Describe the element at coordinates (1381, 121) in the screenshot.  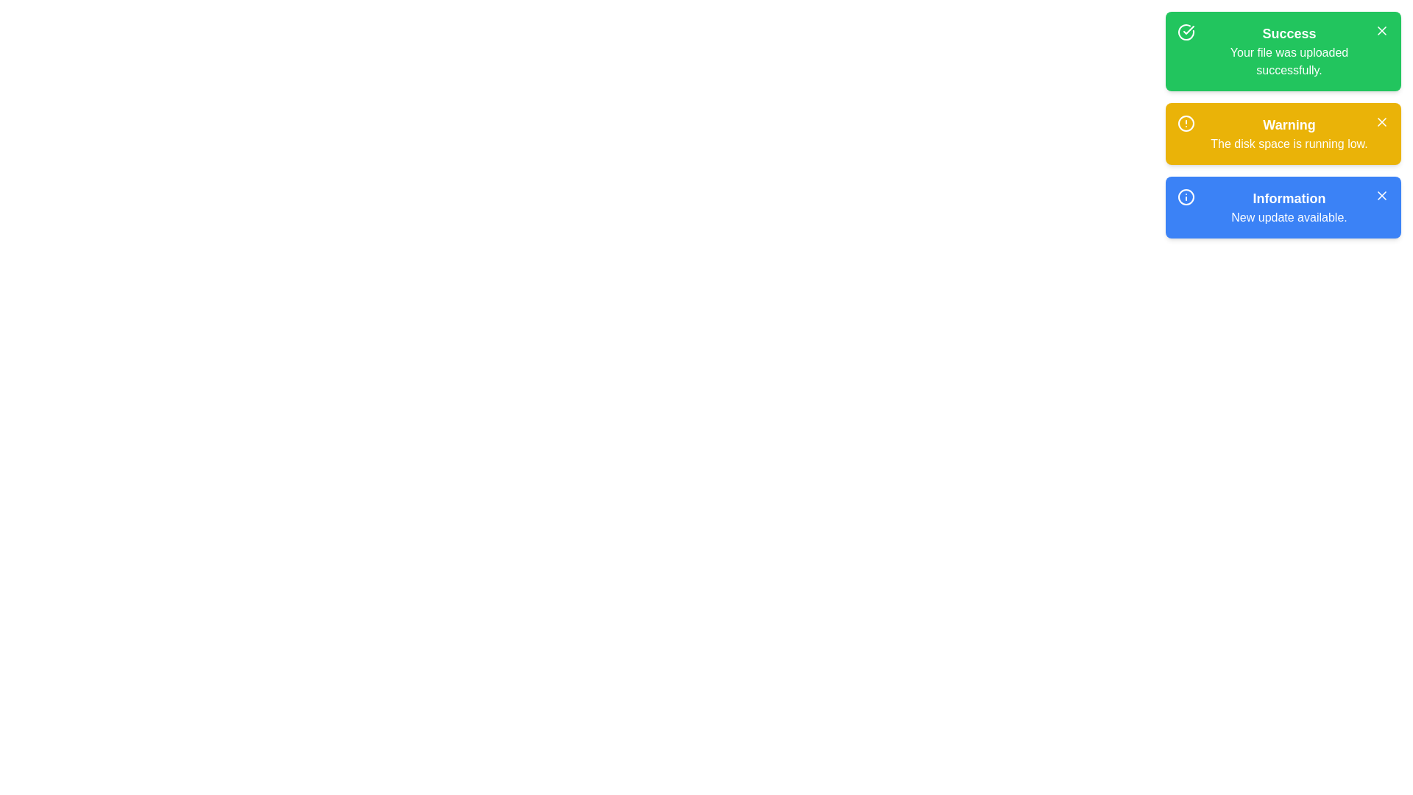
I see `dismiss button for the notification with title 'Warning'` at that location.